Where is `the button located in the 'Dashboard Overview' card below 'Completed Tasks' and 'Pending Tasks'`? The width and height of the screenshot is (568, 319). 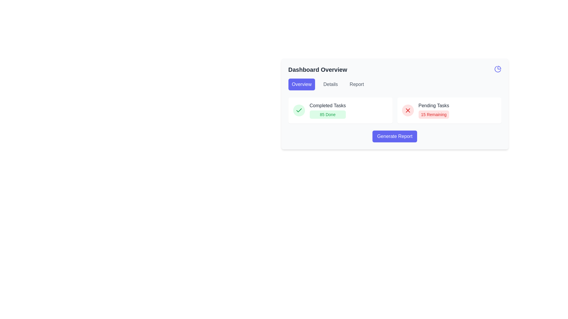
the button located in the 'Dashboard Overview' card below 'Completed Tasks' and 'Pending Tasks' is located at coordinates (395, 136).